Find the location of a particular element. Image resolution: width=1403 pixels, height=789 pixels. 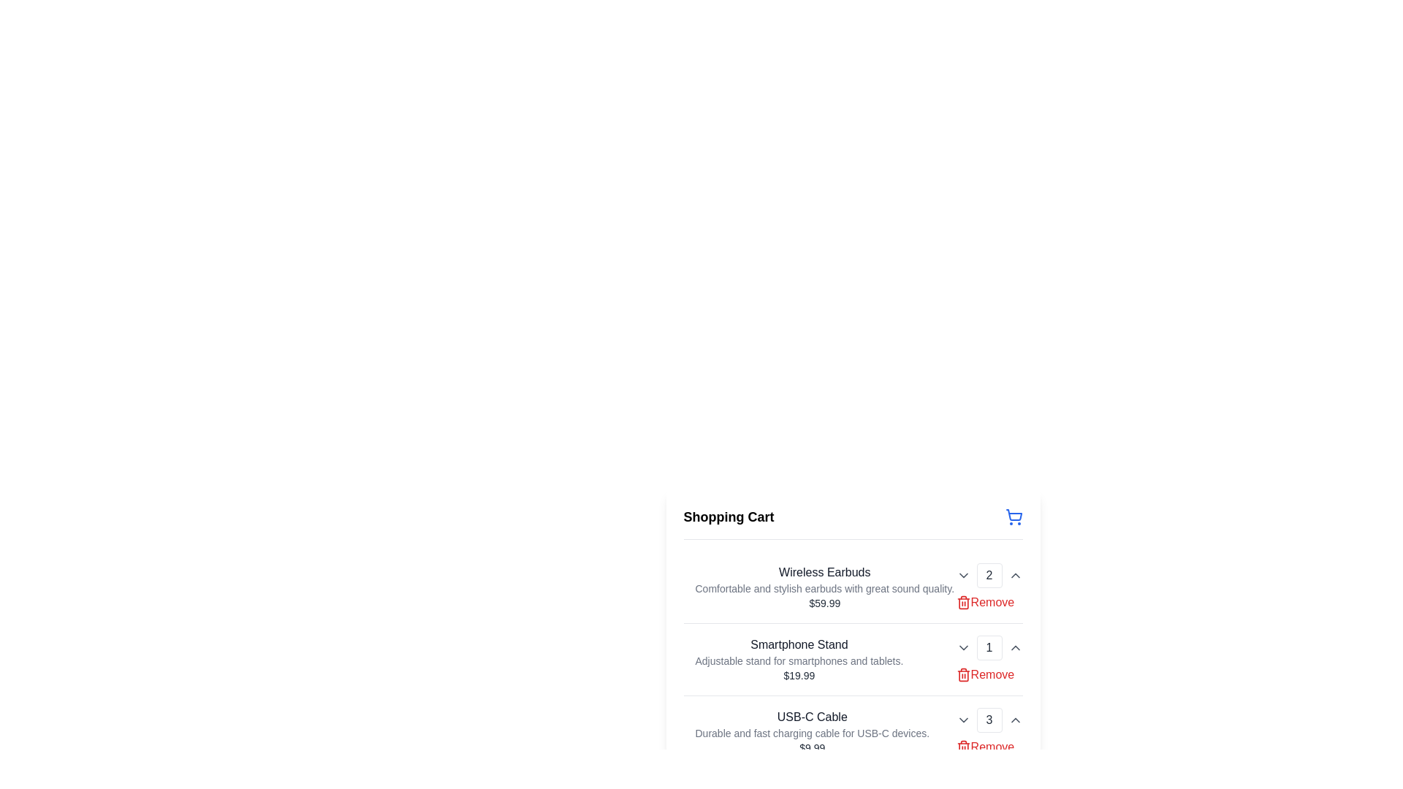

the price text element that represents the cost of the product in the shopping cart, located beneath the description 'Comfortable and stylish earbuds with great sound quality.' is located at coordinates (824, 603).